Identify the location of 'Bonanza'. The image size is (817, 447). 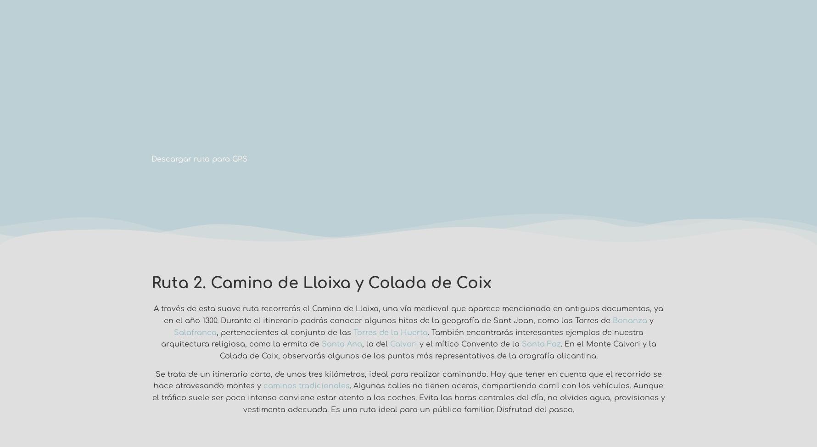
(629, 321).